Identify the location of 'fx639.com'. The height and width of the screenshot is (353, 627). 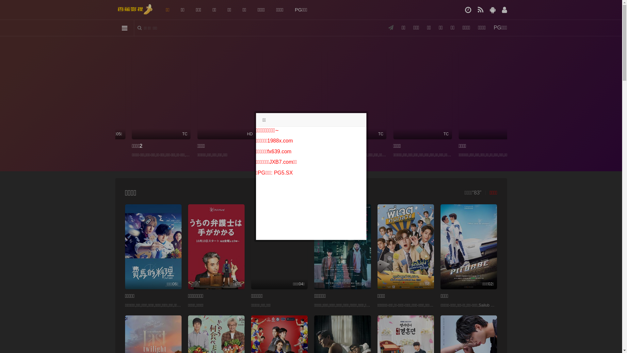
(279, 151).